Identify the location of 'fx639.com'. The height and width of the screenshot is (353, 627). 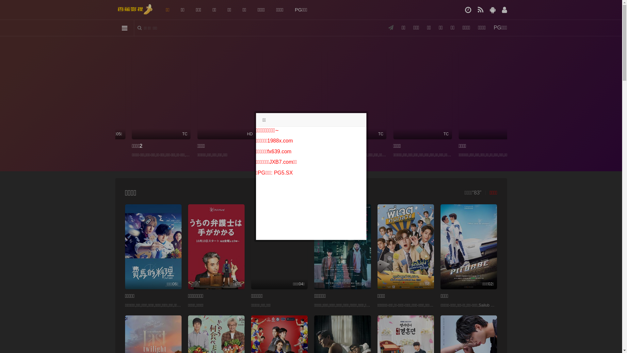
(279, 151).